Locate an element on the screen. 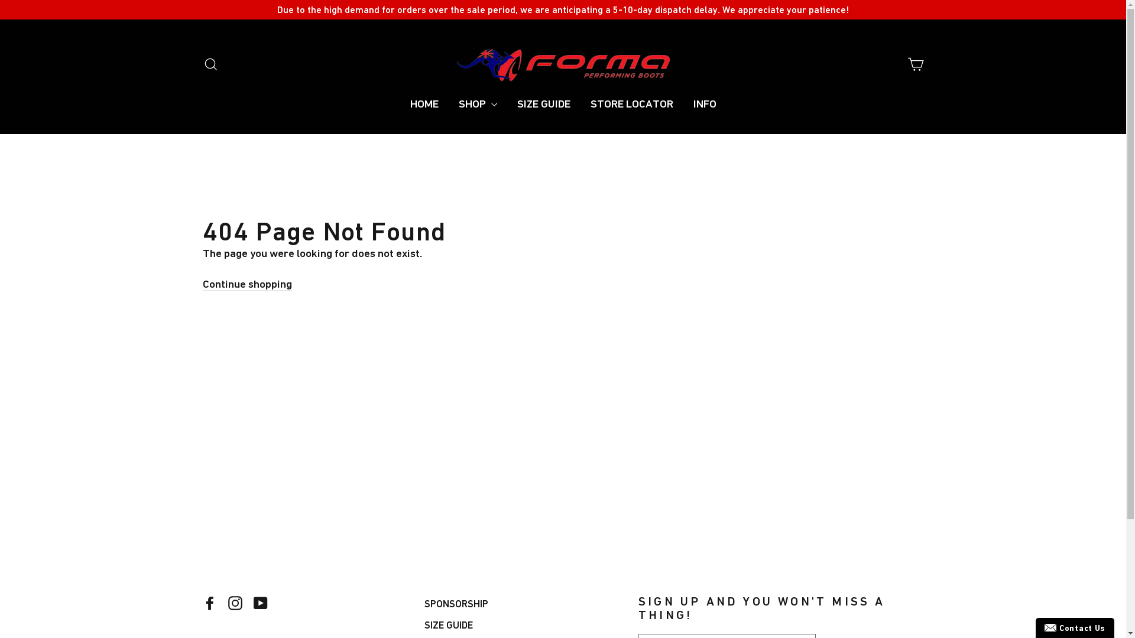 The width and height of the screenshot is (1135, 638). 'SHOP' is located at coordinates (477, 103).